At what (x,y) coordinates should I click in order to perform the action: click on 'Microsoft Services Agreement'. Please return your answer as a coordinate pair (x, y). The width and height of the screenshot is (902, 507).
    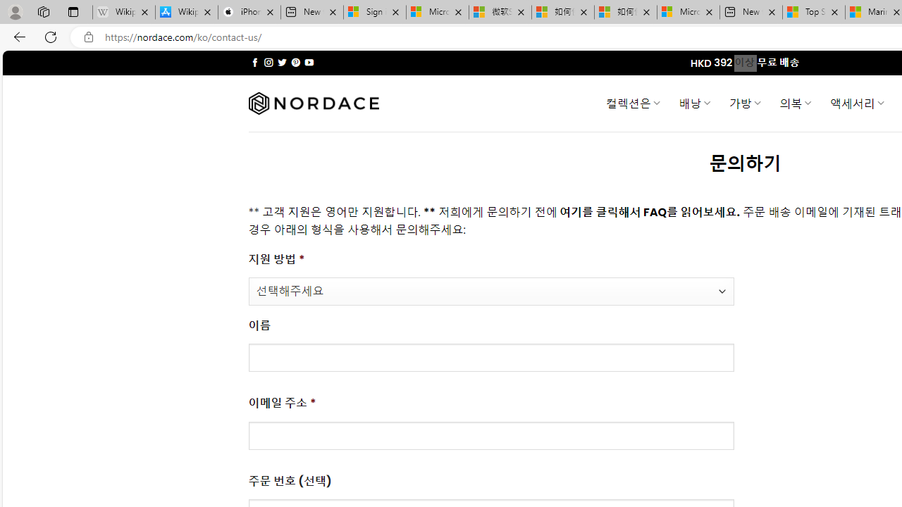
    Looking at the image, I should click on (437, 12).